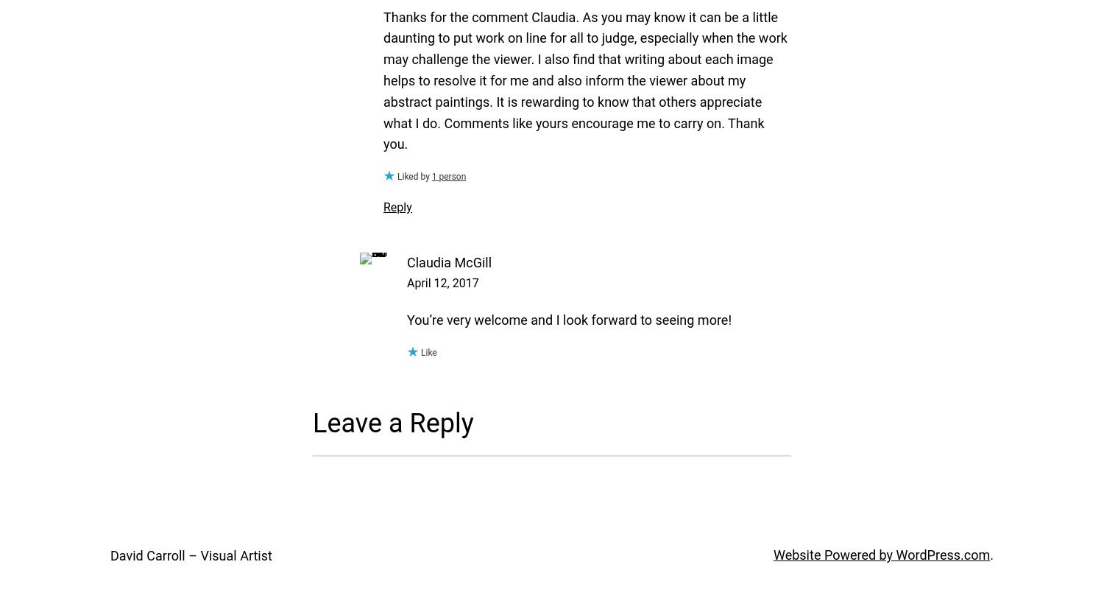 Image resolution: width=1104 pixels, height=601 pixels. Describe the element at coordinates (448, 261) in the screenshot. I see `'Claudia McGill'` at that location.